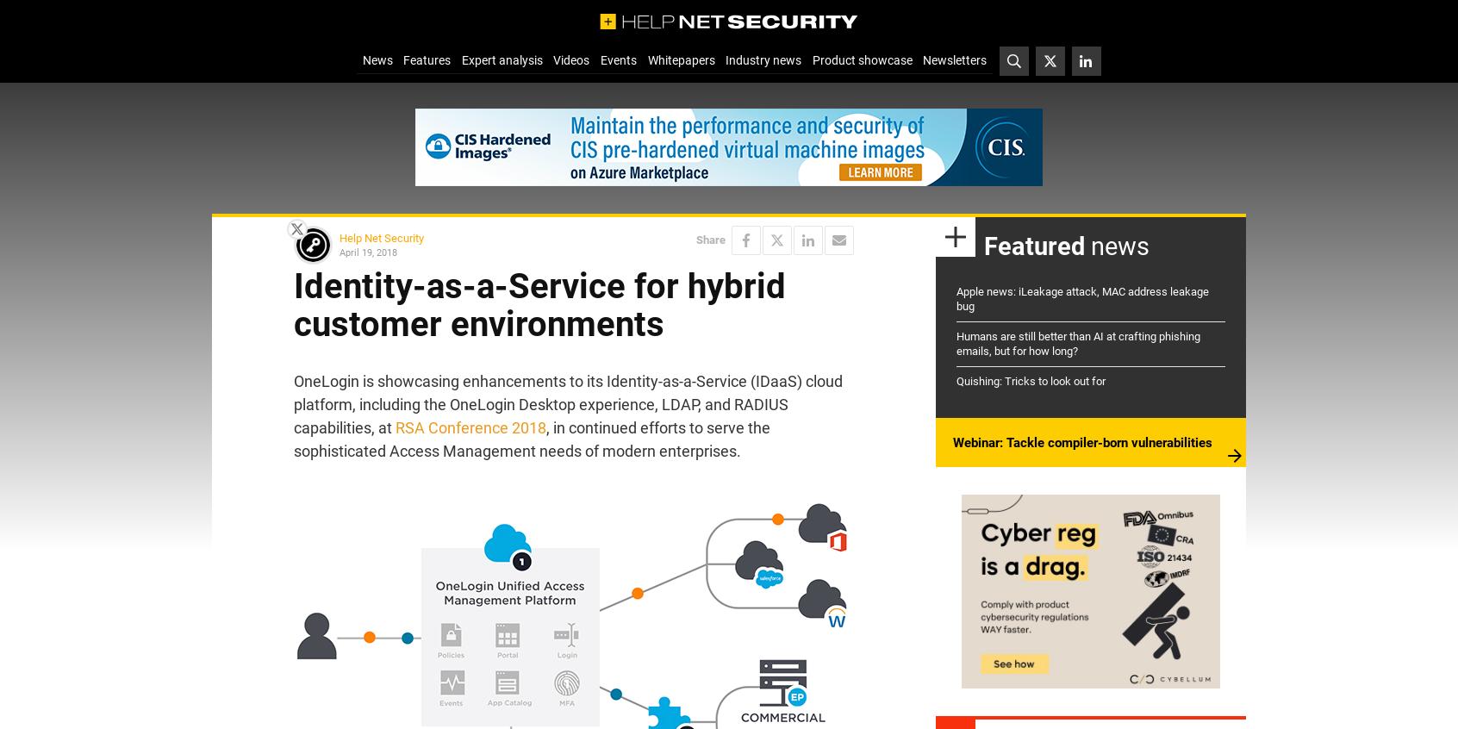  What do you see at coordinates (646, 59) in the screenshot?
I see `'Whitepapers'` at bounding box center [646, 59].